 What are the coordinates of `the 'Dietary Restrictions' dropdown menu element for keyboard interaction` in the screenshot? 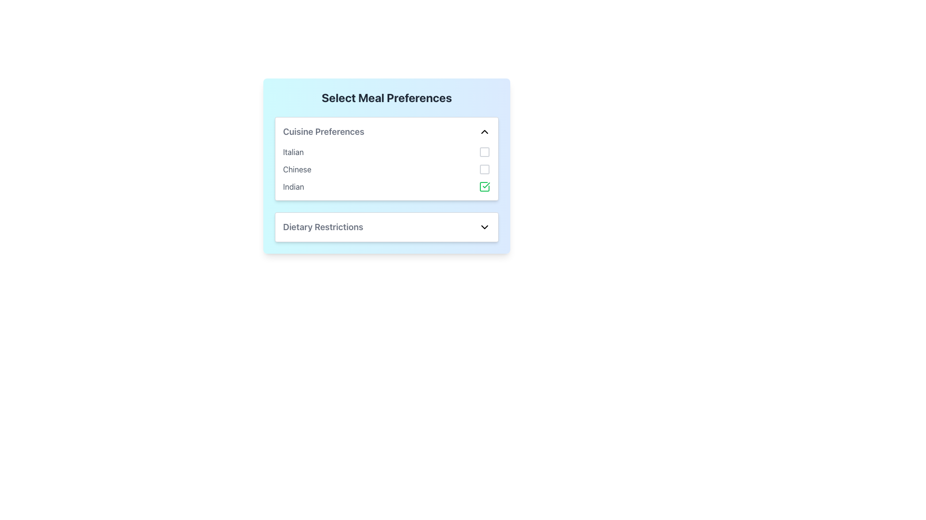 It's located at (386, 227).